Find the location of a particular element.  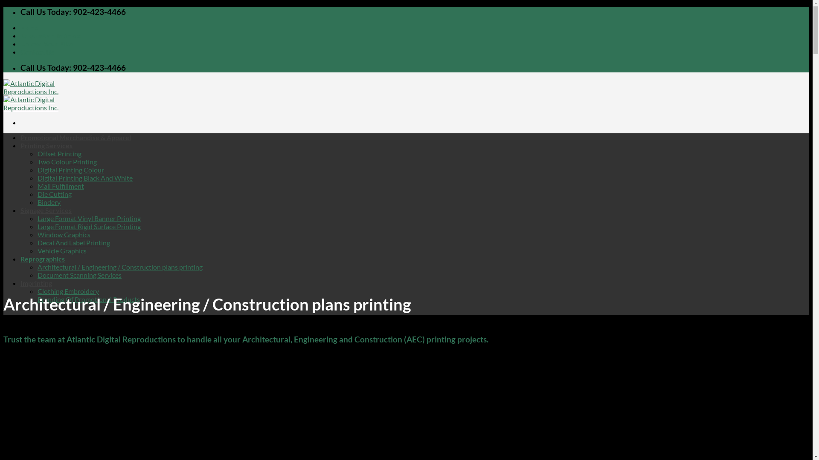

'Printing Services' is located at coordinates (46, 145).